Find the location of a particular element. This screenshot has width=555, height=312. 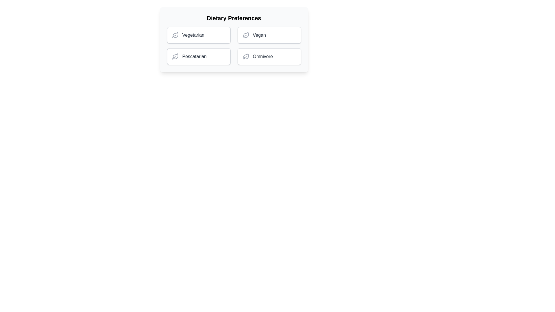

the text label describing the dietary preference option located in the top-left quadrant of the 'Dietary Preferences' section, positioned beneath an icon is located at coordinates (193, 35).